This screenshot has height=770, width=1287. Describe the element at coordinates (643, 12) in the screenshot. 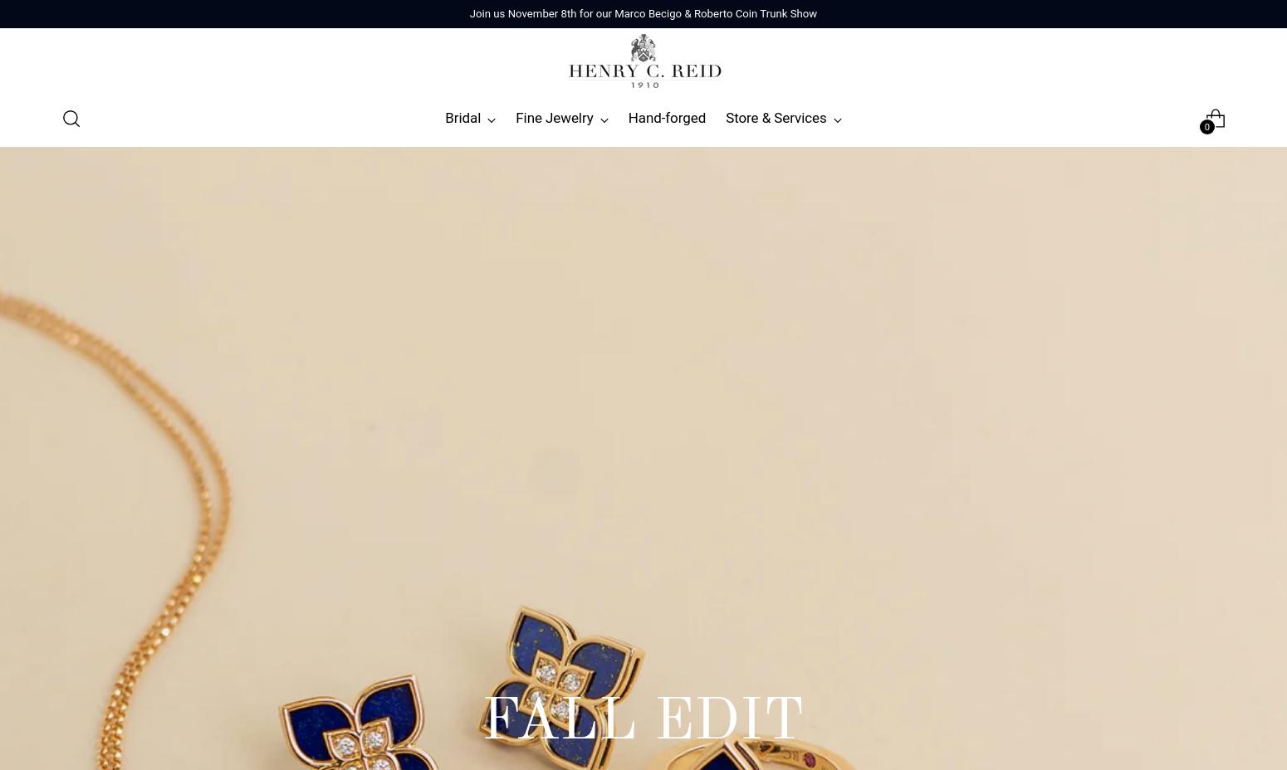

I see `'Join us November 8th for our Marco Becigo & Roberto Coin Trunk Show'` at that location.